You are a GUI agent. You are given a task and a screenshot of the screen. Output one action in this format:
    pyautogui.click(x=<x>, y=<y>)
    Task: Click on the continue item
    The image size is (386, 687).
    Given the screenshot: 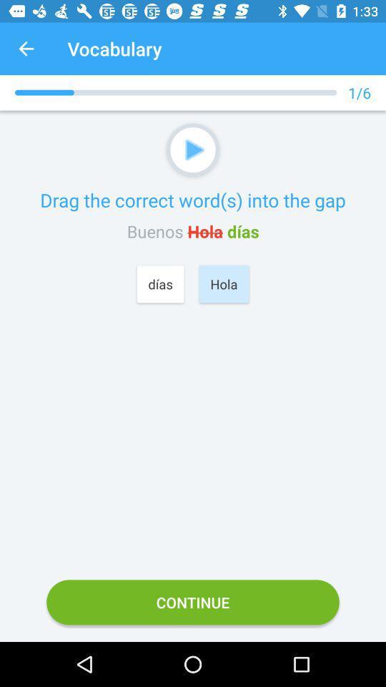 What is the action you would take?
    pyautogui.click(x=193, y=601)
    